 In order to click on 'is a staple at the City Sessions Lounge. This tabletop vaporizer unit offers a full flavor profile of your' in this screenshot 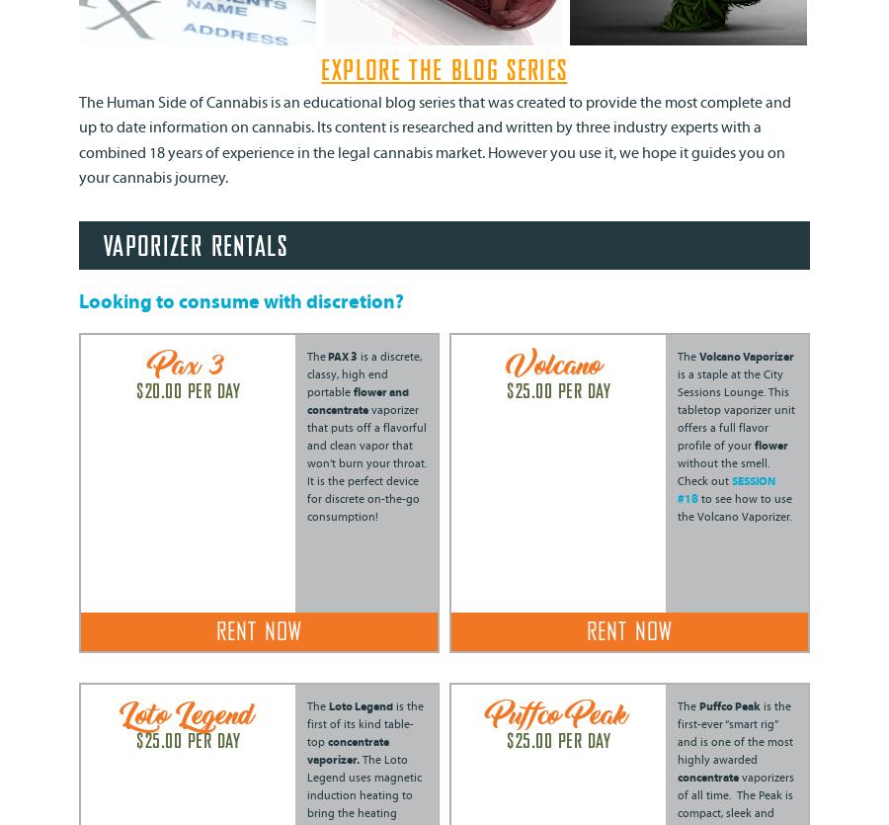, I will do `click(735, 409)`.